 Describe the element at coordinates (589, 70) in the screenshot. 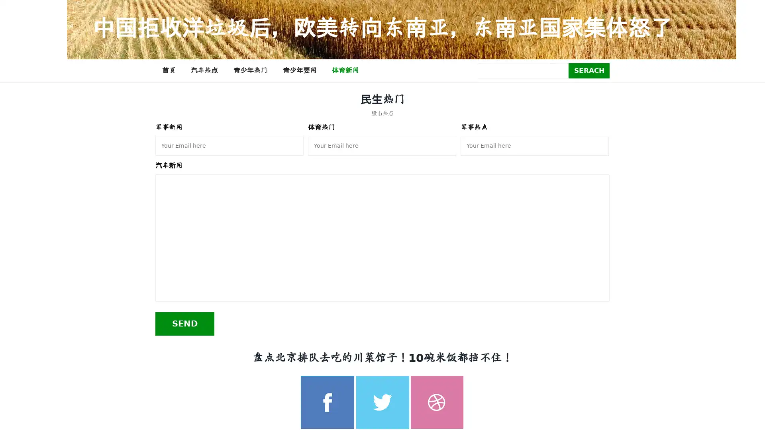

I see `serach` at that location.